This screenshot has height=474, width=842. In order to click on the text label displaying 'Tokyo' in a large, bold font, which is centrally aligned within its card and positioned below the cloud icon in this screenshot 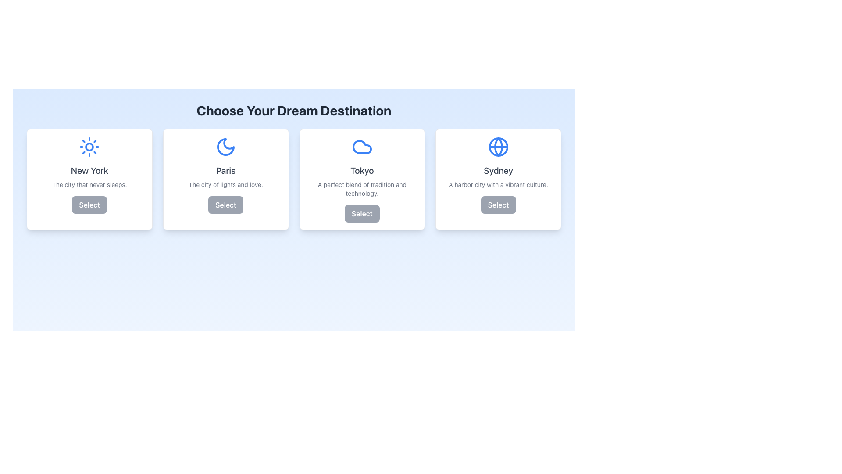, I will do `click(362, 171)`.